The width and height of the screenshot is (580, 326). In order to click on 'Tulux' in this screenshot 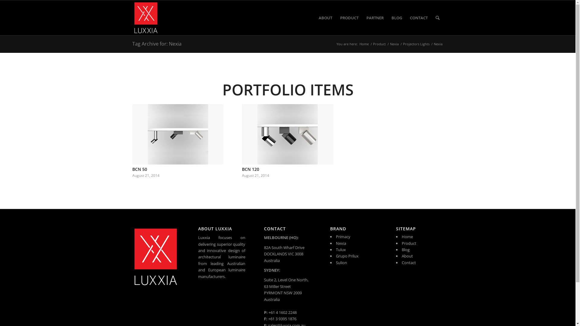, I will do `click(341, 249)`.